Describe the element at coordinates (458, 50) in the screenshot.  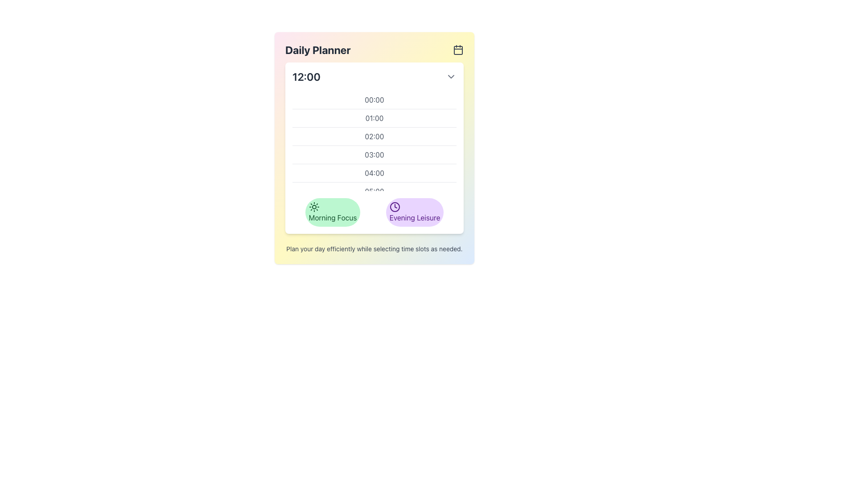
I see `the calendar icon located at the top-right of the 'Daily Planner' title section in the header area` at that location.